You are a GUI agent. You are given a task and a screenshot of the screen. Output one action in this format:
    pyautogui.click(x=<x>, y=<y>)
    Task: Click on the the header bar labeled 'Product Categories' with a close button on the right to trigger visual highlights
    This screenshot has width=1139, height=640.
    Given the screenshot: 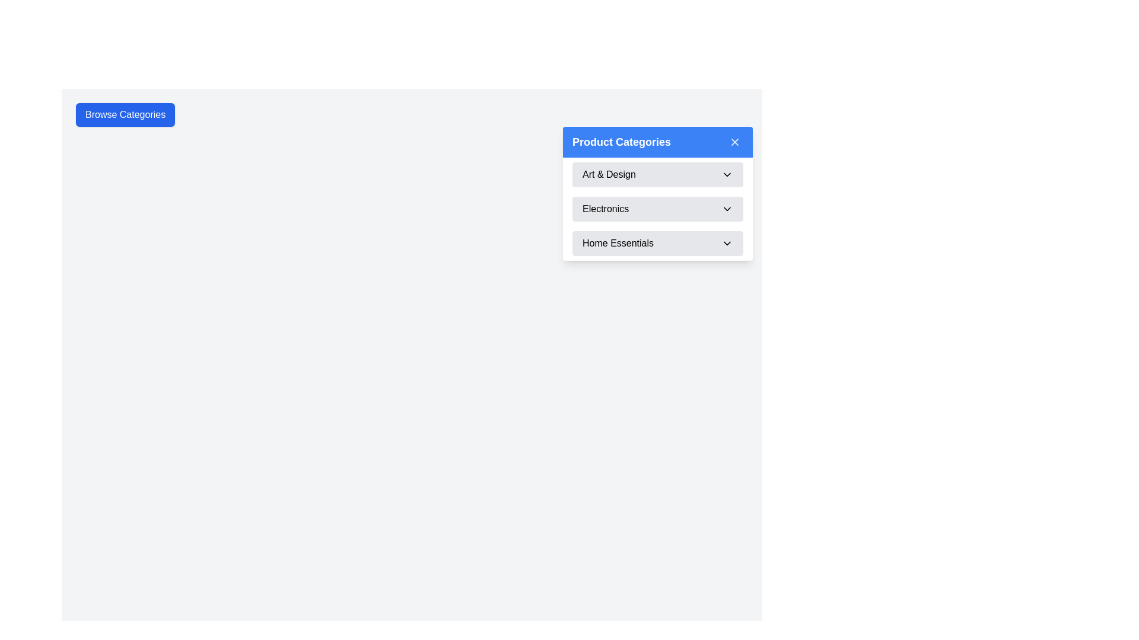 What is the action you would take?
    pyautogui.click(x=657, y=141)
    